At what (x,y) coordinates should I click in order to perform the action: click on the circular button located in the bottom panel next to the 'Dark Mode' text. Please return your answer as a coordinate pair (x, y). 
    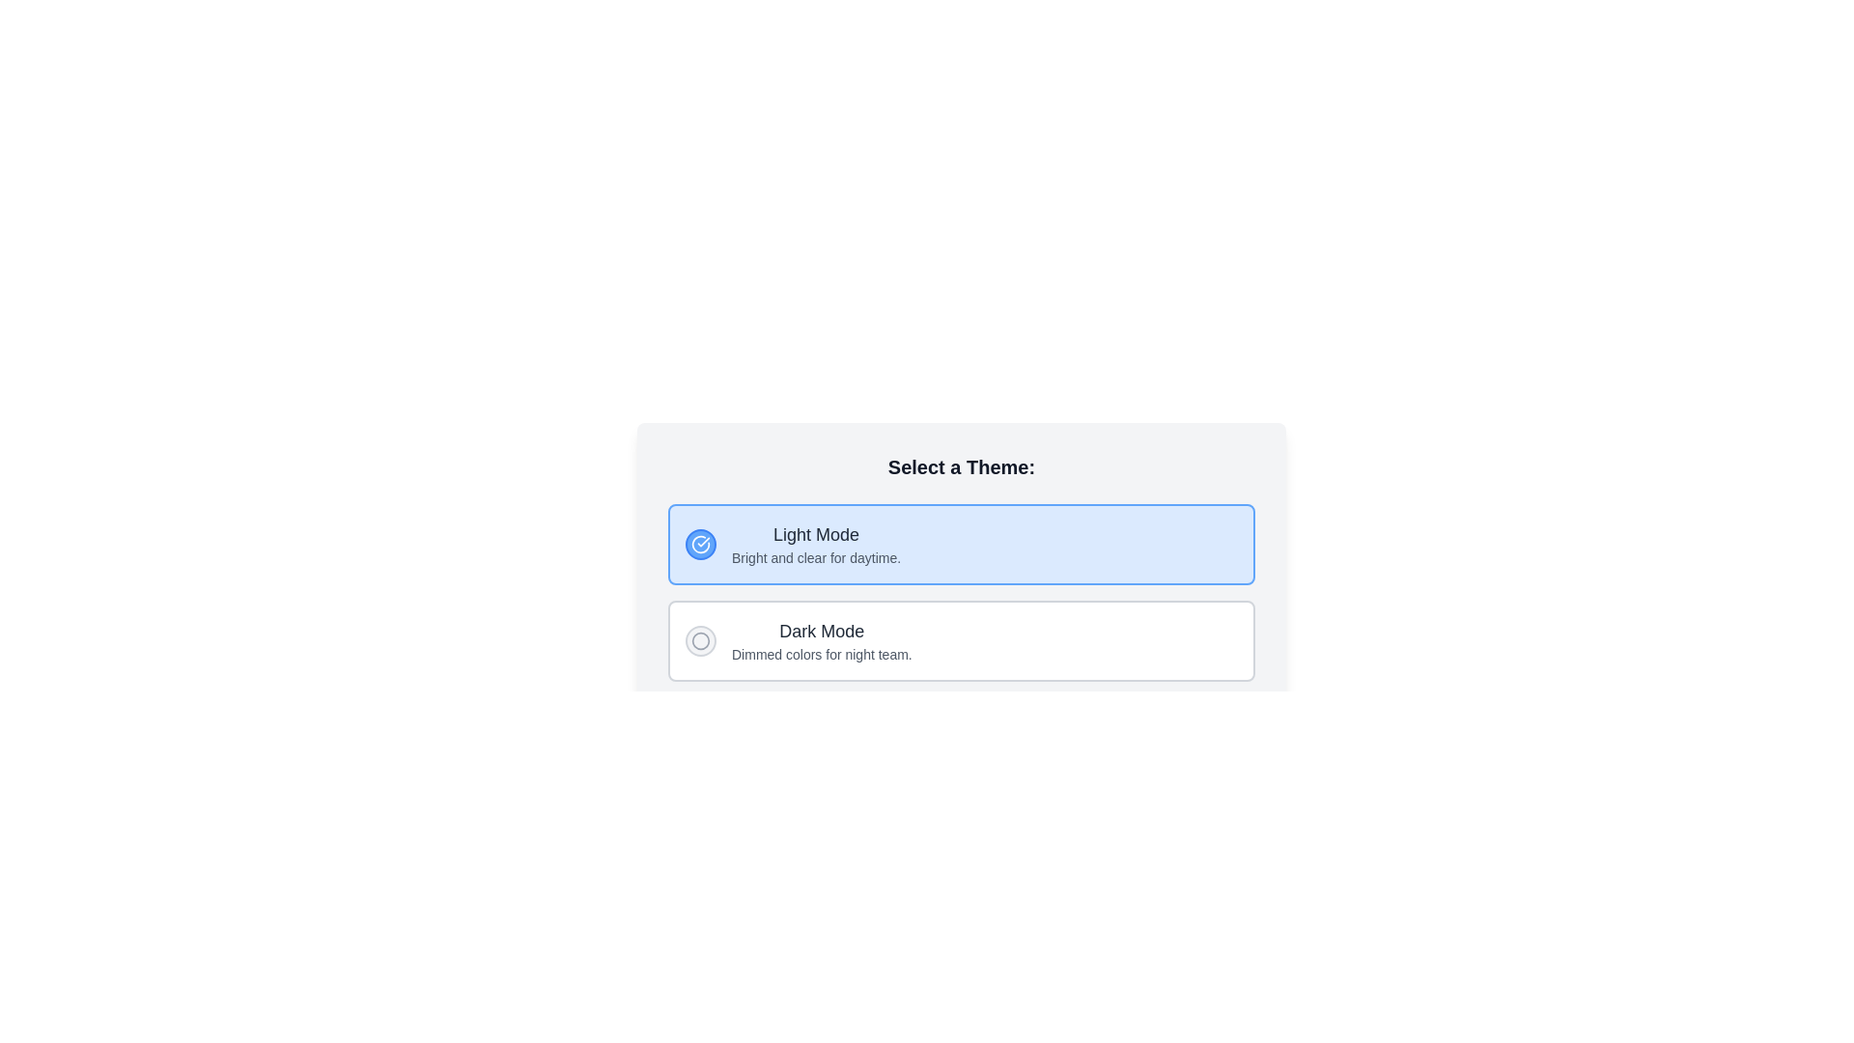
    Looking at the image, I should click on (699, 640).